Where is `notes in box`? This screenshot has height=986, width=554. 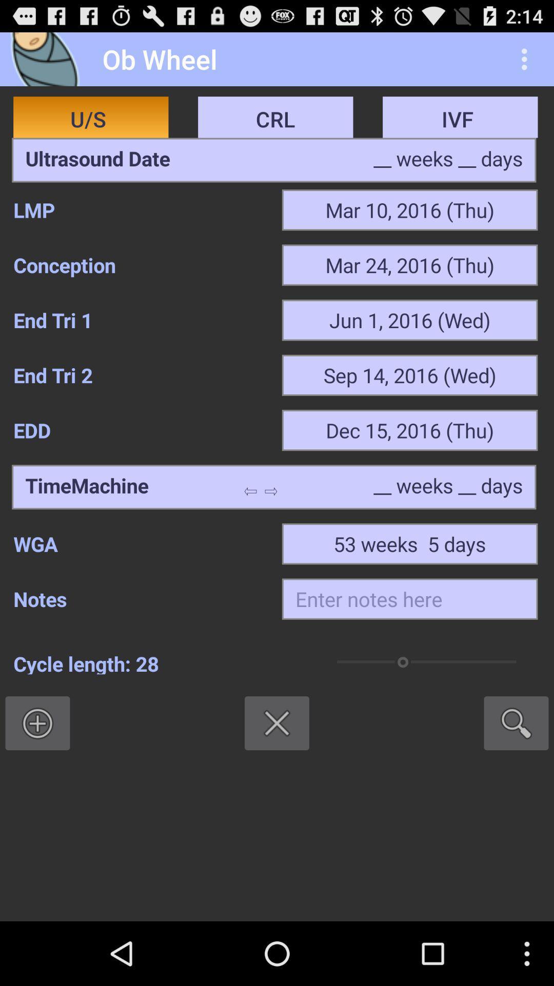
notes in box is located at coordinates (409, 599).